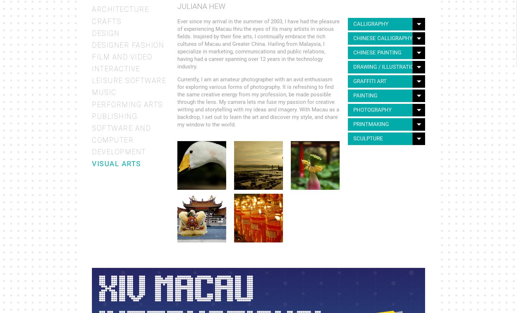  Describe the element at coordinates (369, 81) in the screenshot. I see `'Graffiti Art'` at that location.